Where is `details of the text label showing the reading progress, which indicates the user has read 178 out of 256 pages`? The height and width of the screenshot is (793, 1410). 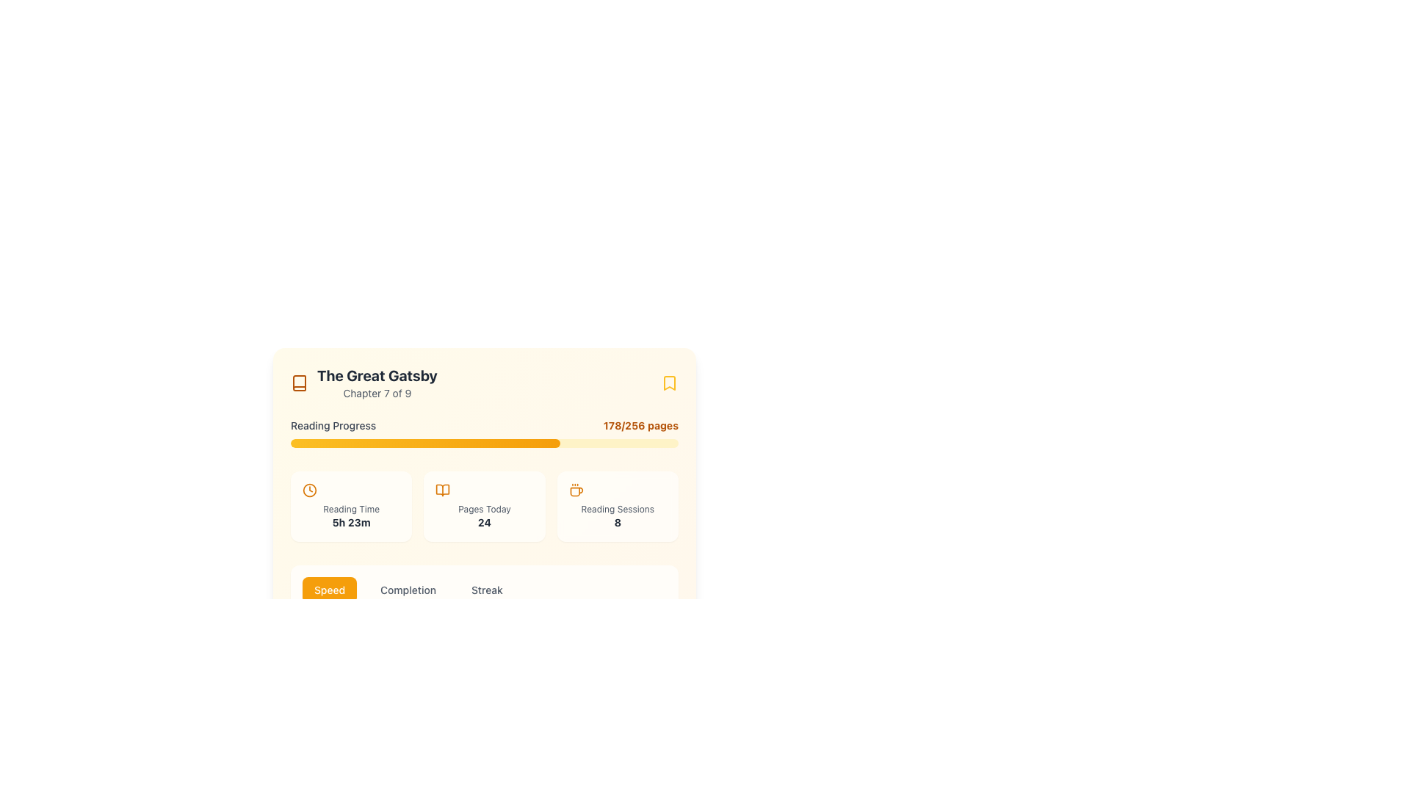 details of the text label showing the reading progress, which indicates the user has read 178 out of 256 pages is located at coordinates (641, 425).